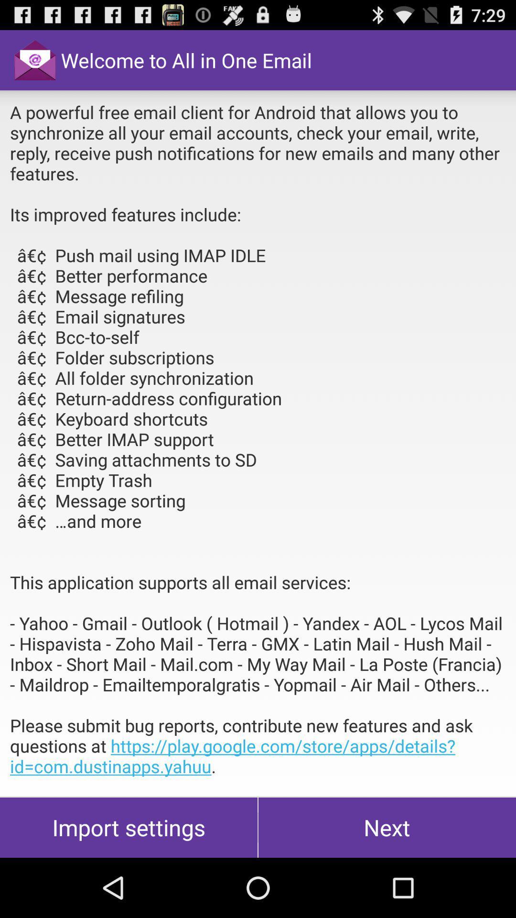 The height and width of the screenshot is (918, 516). I want to click on the import settings at the bottom left corner, so click(128, 827).